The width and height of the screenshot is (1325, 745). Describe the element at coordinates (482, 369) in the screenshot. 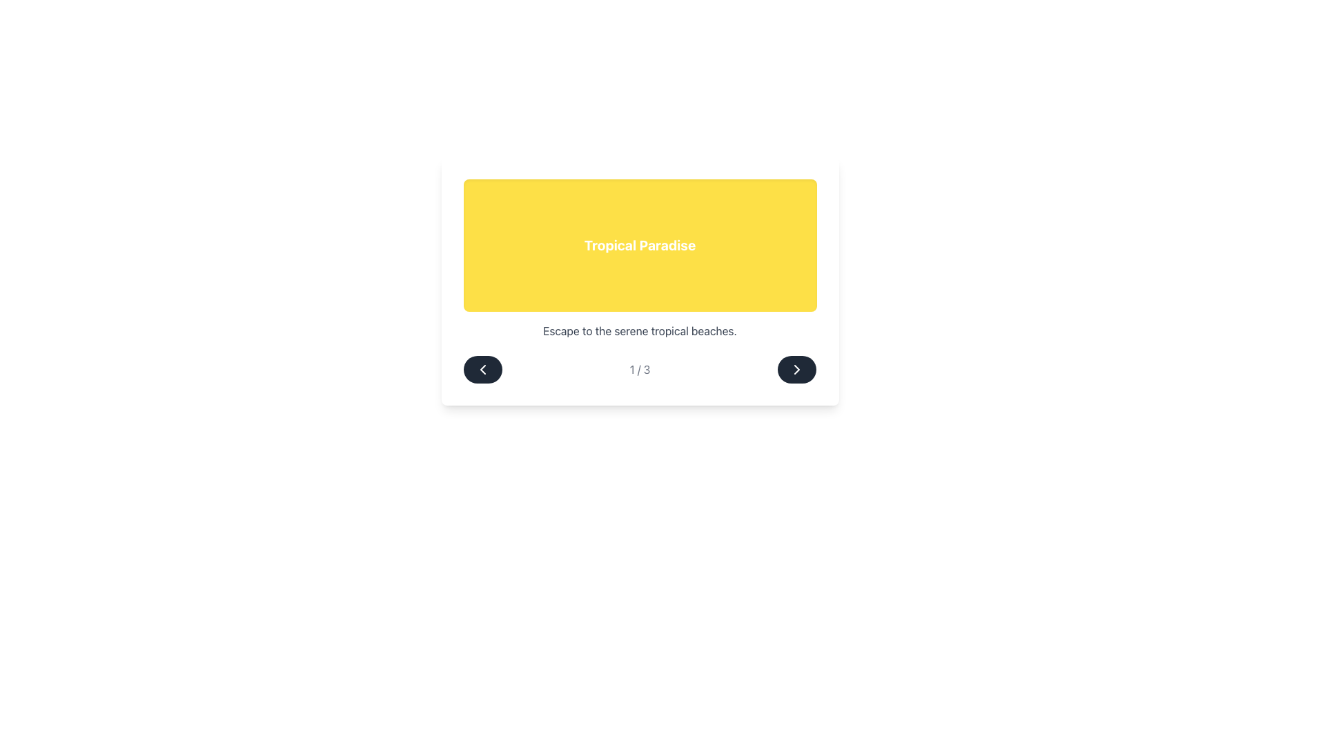

I see `the chevron icon on the bottom-left navigation button` at that location.